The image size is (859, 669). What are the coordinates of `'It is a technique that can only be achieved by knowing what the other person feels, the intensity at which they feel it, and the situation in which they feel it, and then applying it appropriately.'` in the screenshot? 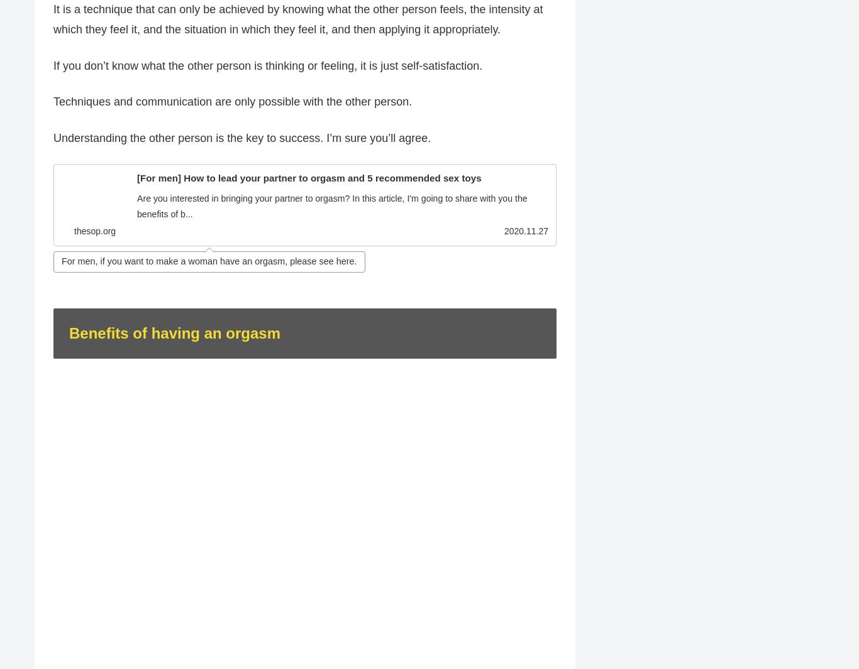 It's located at (298, 19).